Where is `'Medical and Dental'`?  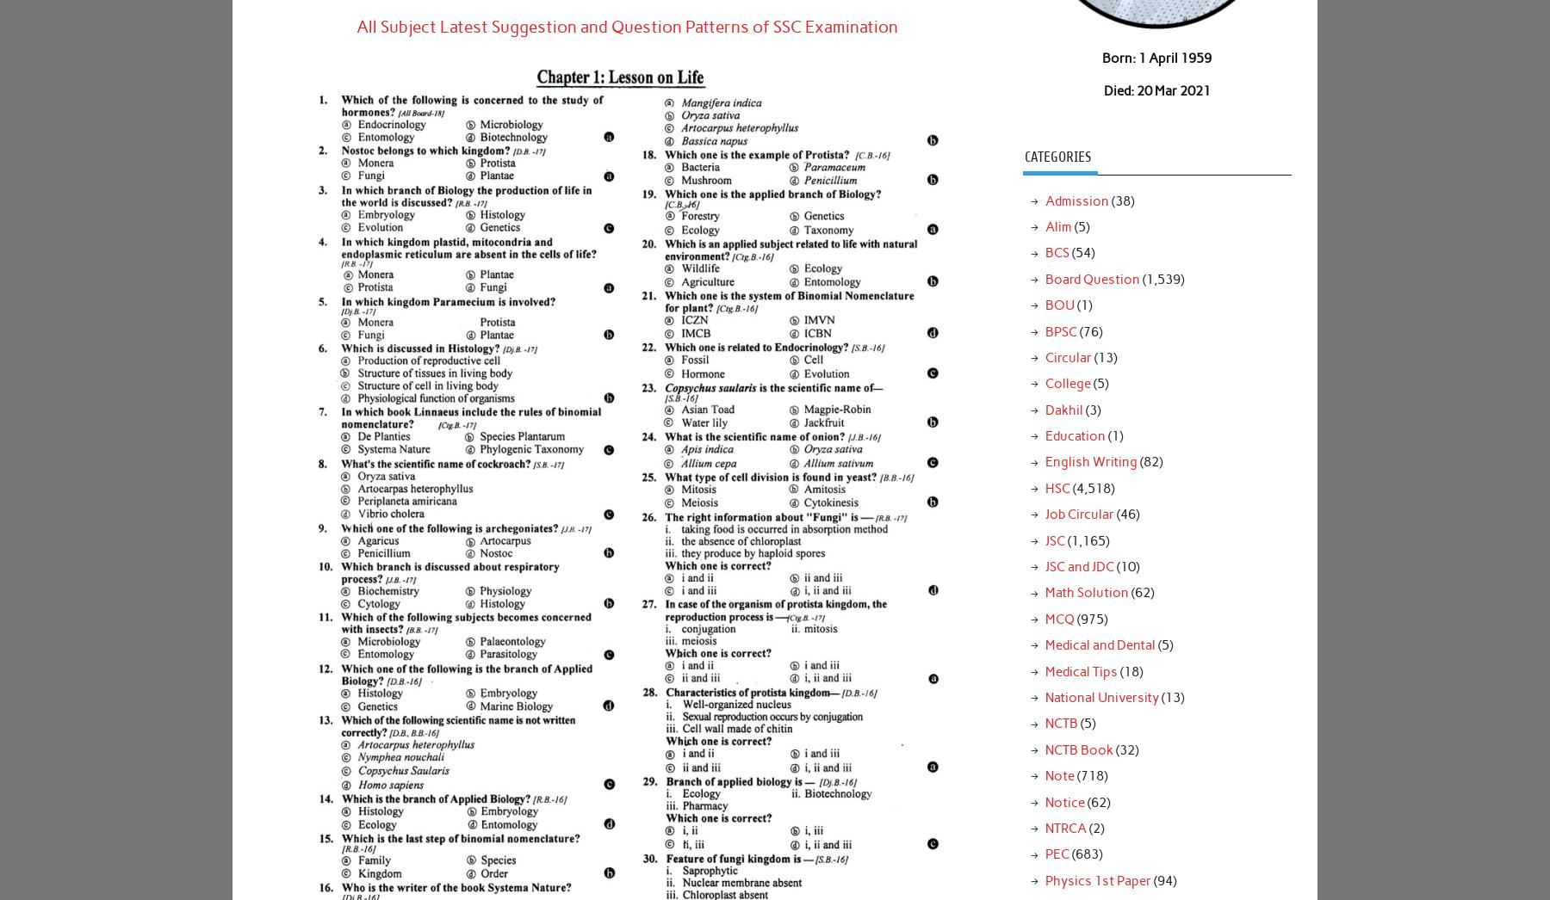 'Medical and Dental' is located at coordinates (1099, 644).